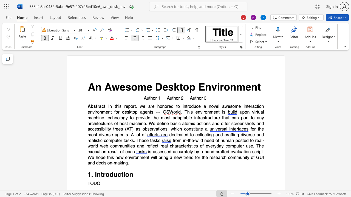 The height and width of the screenshot is (197, 351). Describe the element at coordinates (120, 157) in the screenshot. I see `the subset text "w envi" within the text "new environment"` at that location.